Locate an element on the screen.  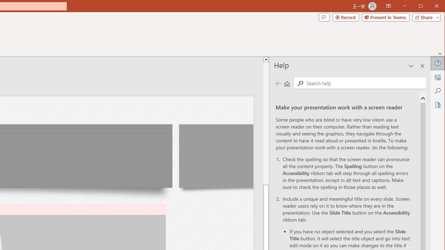
'Alt Text' is located at coordinates (437, 77).